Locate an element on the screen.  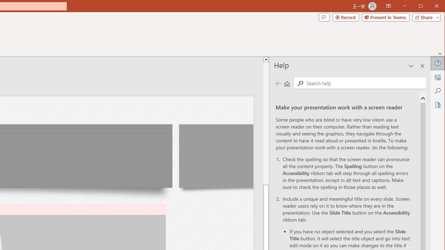
'Alt Text' is located at coordinates (437, 77).